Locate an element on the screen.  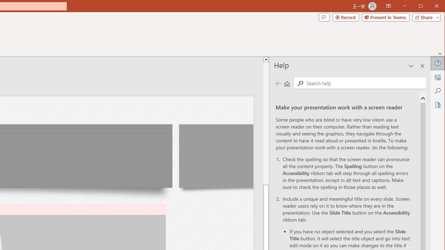
'Alt Text' is located at coordinates (437, 77).